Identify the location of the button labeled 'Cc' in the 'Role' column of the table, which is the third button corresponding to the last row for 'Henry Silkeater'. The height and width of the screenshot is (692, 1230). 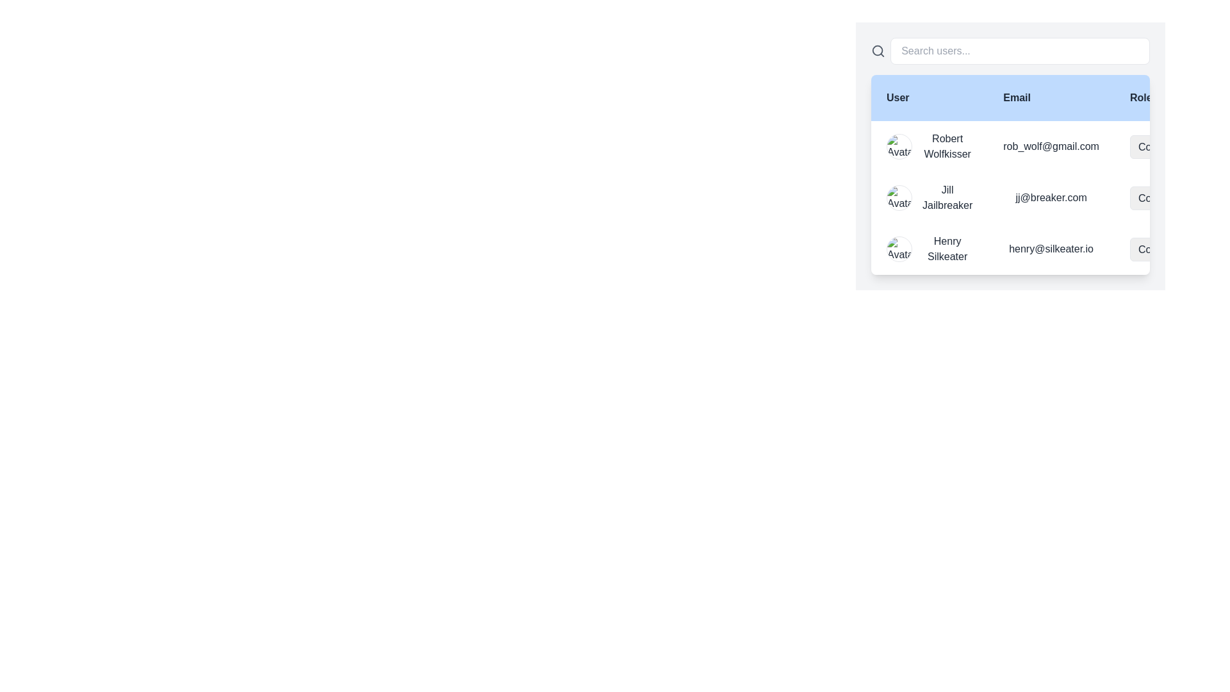
(1170, 197).